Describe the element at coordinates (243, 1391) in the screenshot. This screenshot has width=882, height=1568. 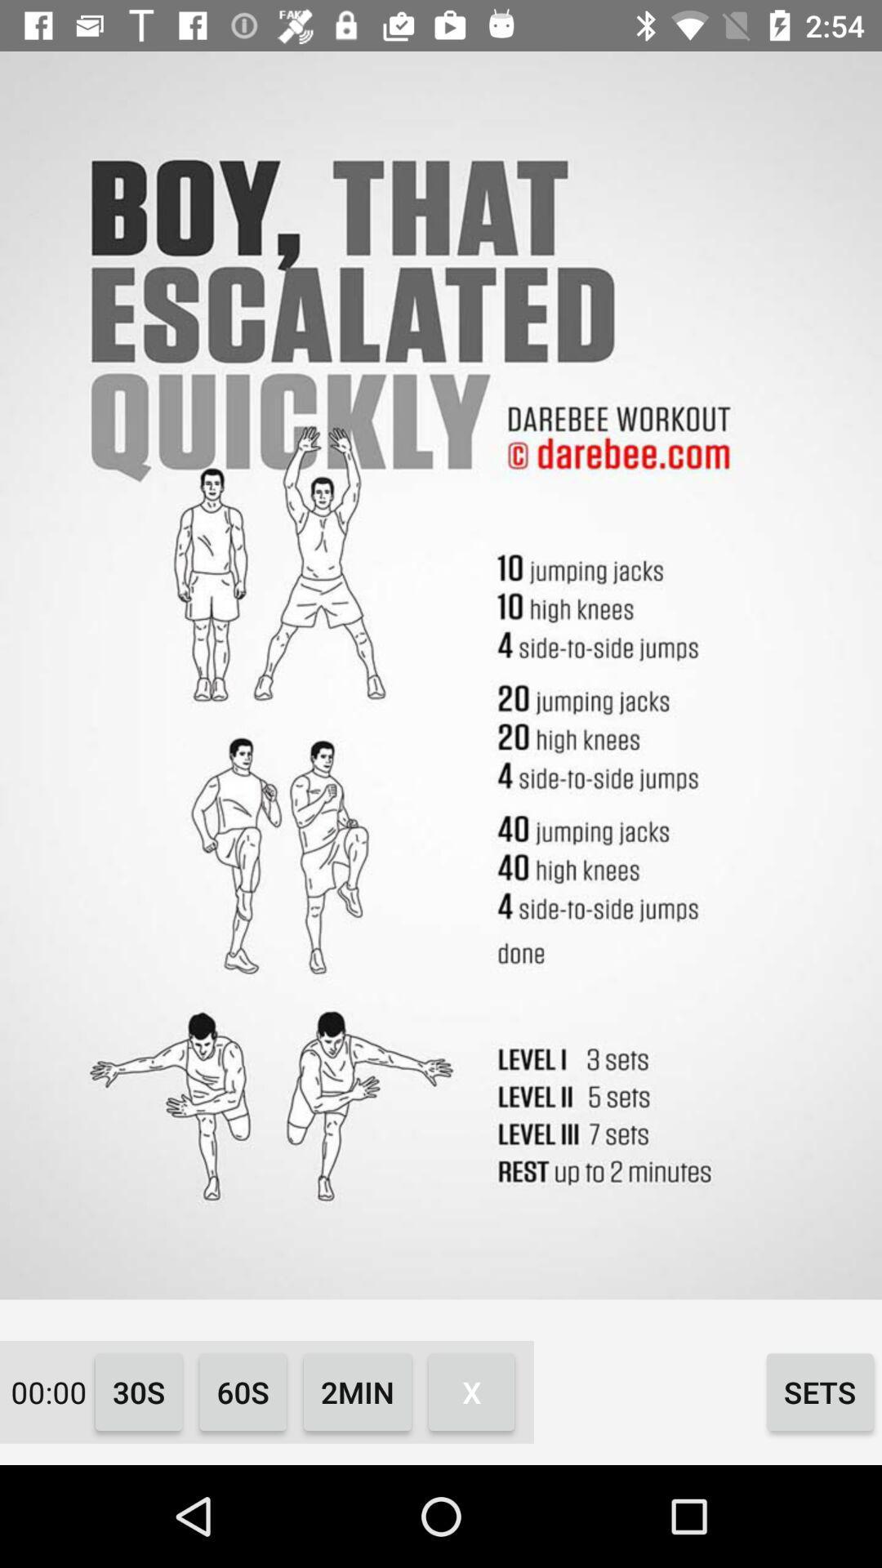
I see `the icon to the left of the 2min` at that location.